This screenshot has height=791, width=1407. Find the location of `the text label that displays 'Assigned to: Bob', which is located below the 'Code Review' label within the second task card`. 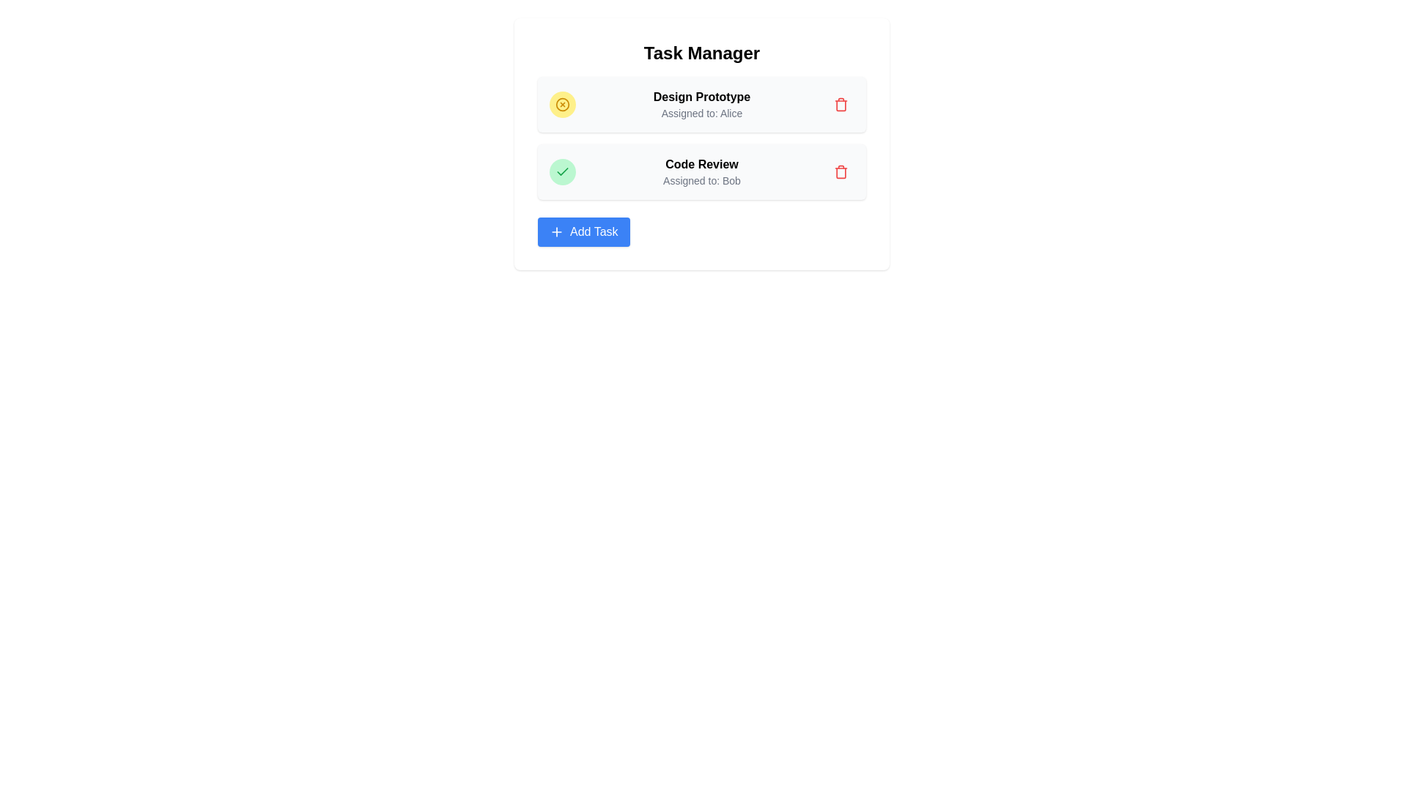

the text label that displays 'Assigned to: Bob', which is located below the 'Code Review' label within the second task card is located at coordinates (701, 179).